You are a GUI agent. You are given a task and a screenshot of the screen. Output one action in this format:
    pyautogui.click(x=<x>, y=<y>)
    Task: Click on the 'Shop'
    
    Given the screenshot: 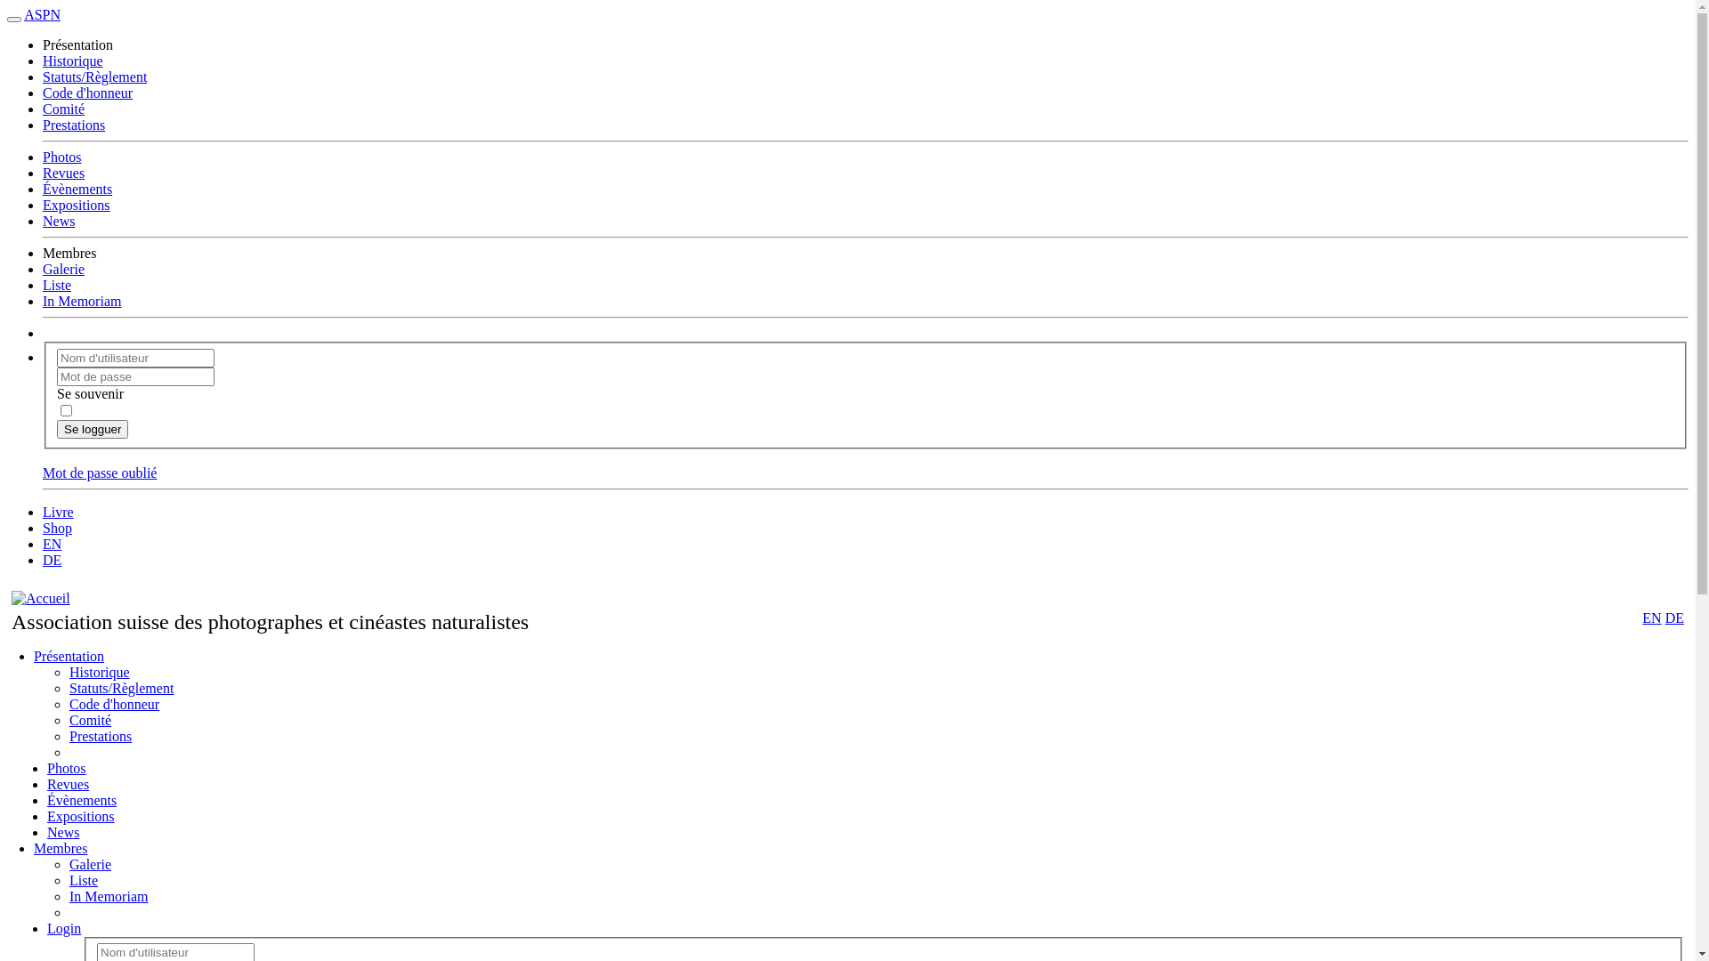 What is the action you would take?
    pyautogui.click(x=57, y=527)
    